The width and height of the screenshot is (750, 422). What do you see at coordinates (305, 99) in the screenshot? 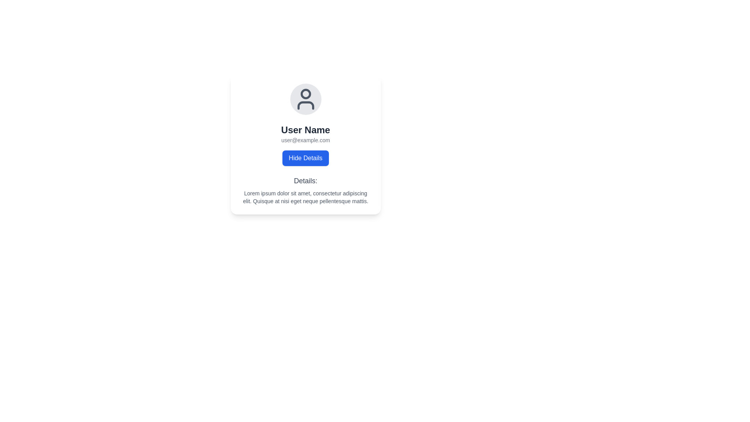
I see `the user profile icon, which is represented by a circular gray background located above the 'User Name' label, to identify the user profile` at bounding box center [305, 99].